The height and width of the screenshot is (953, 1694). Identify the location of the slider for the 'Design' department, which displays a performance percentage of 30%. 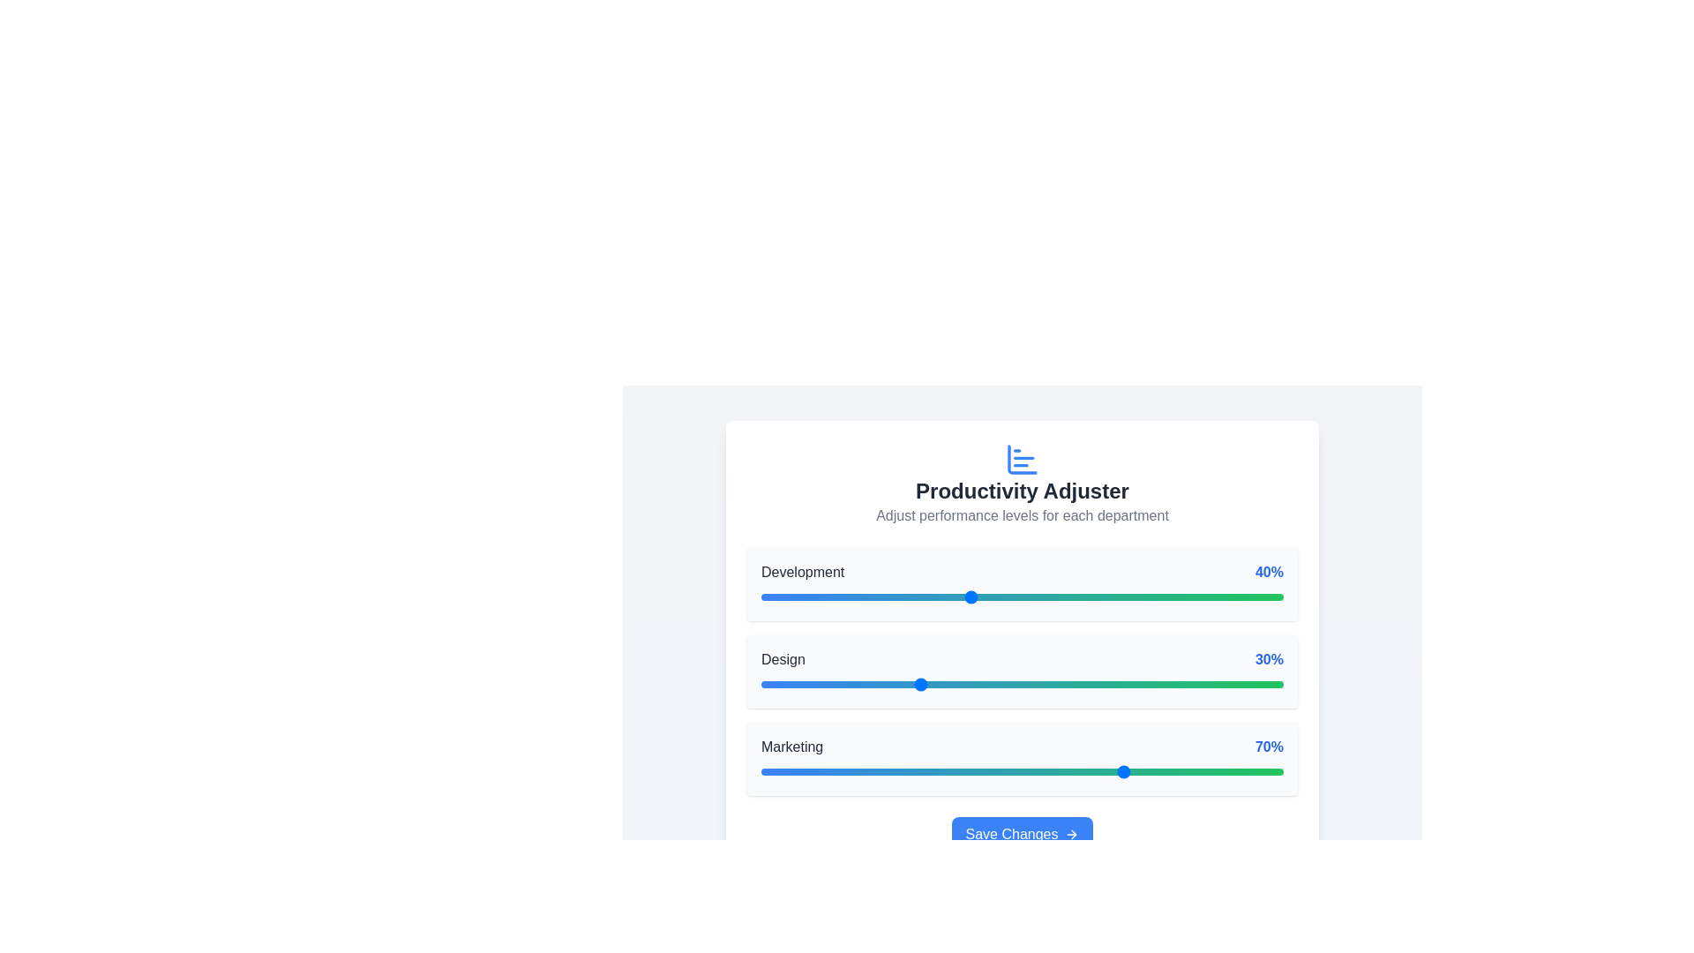
(1022, 672).